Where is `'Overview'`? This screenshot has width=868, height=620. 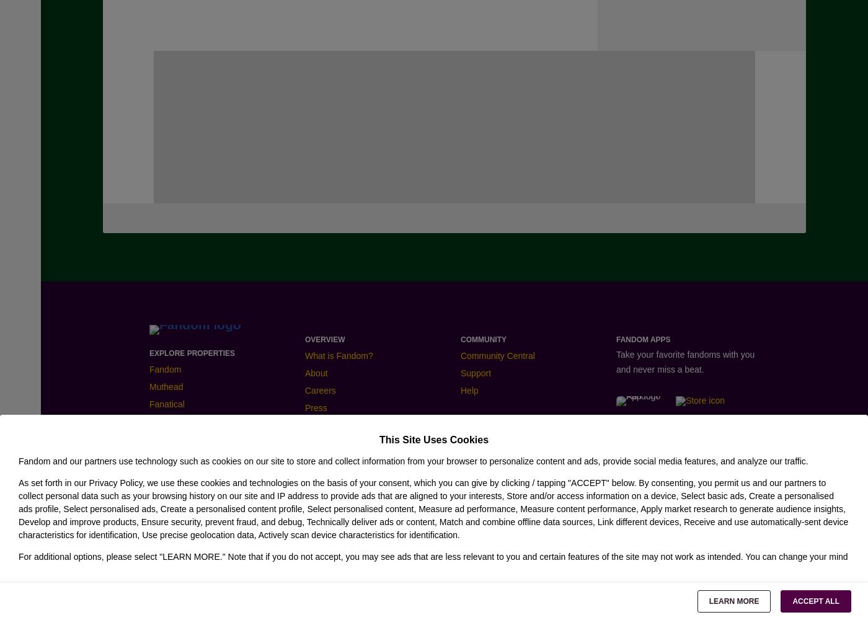
'Overview' is located at coordinates (325, 339).